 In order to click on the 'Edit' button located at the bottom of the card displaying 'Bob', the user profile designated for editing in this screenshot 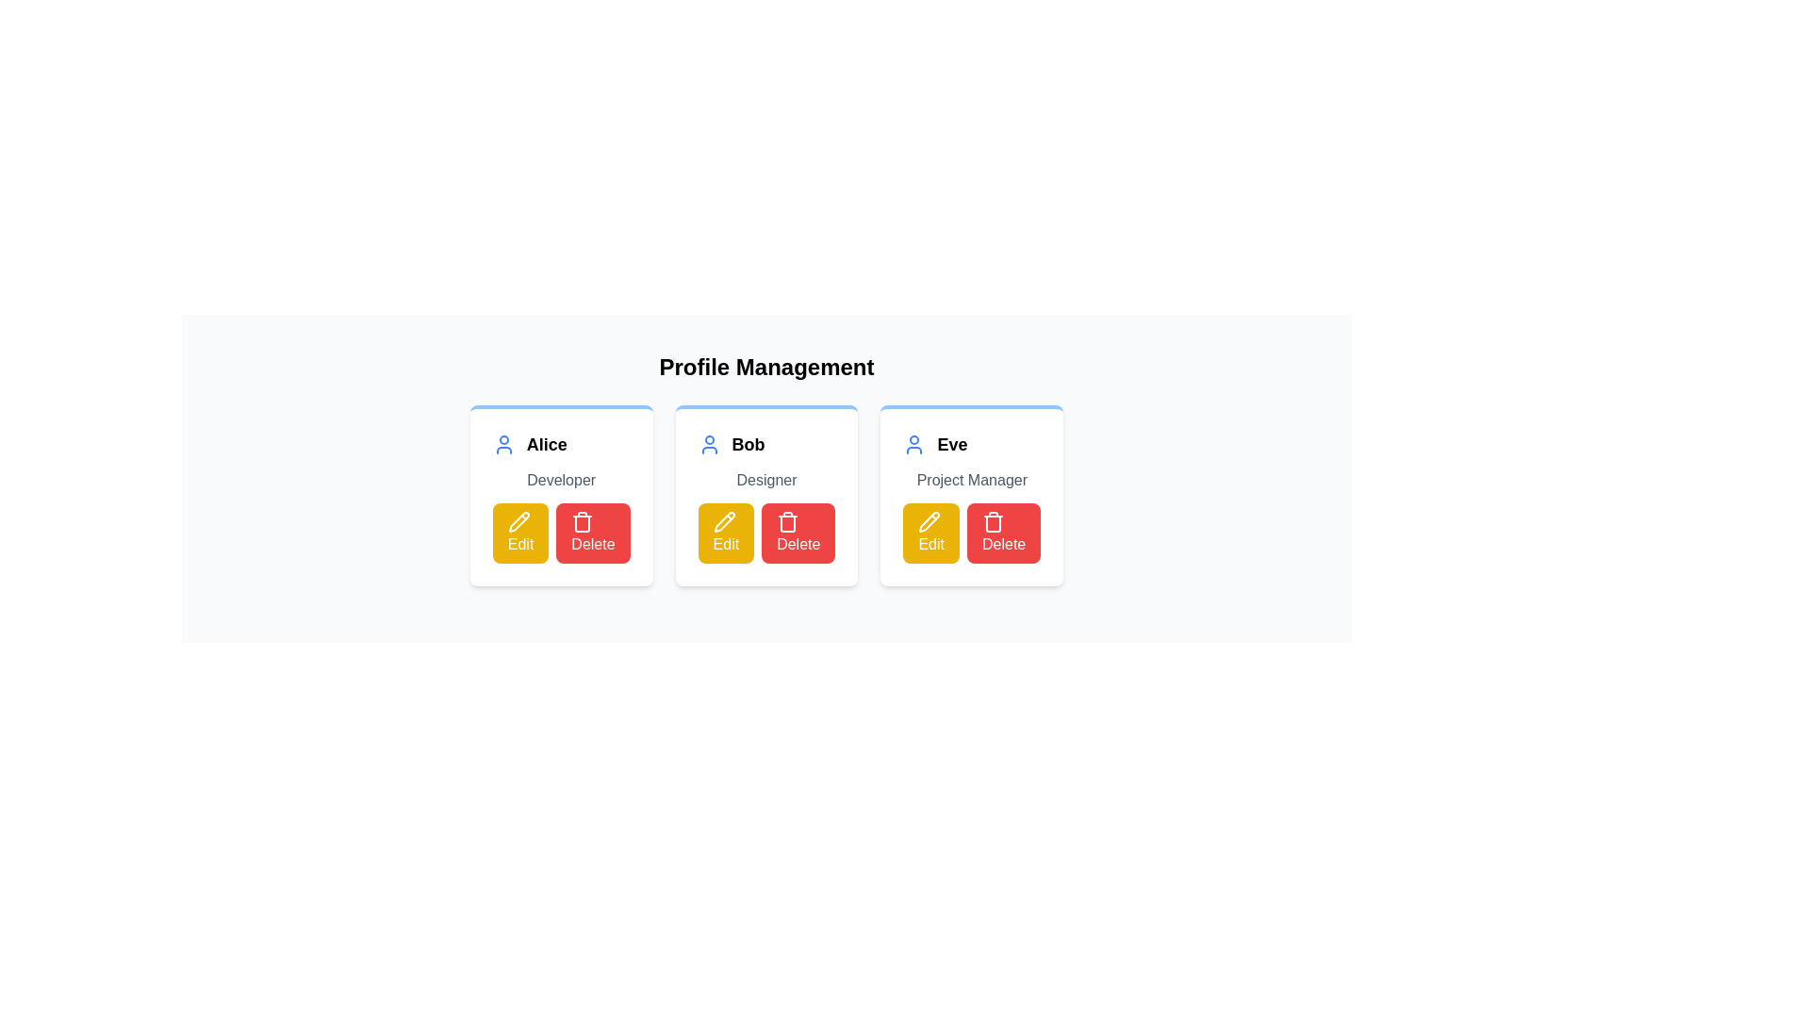, I will do `click(766, 494)`.